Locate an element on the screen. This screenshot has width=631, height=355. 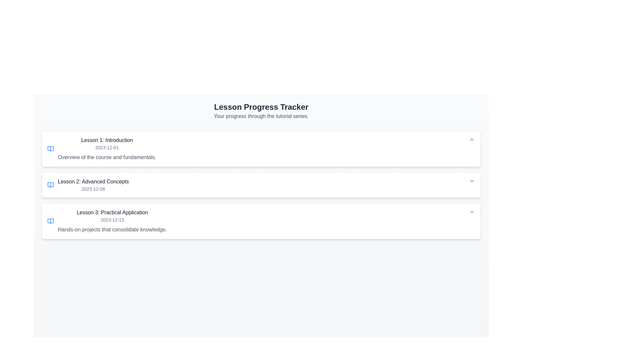
the text label displaying '2023-12-01', which is styled with a small gray font and positioned below the title 'Lesson 1: Introduction' in the card layout is located at coordinates (107, 147).